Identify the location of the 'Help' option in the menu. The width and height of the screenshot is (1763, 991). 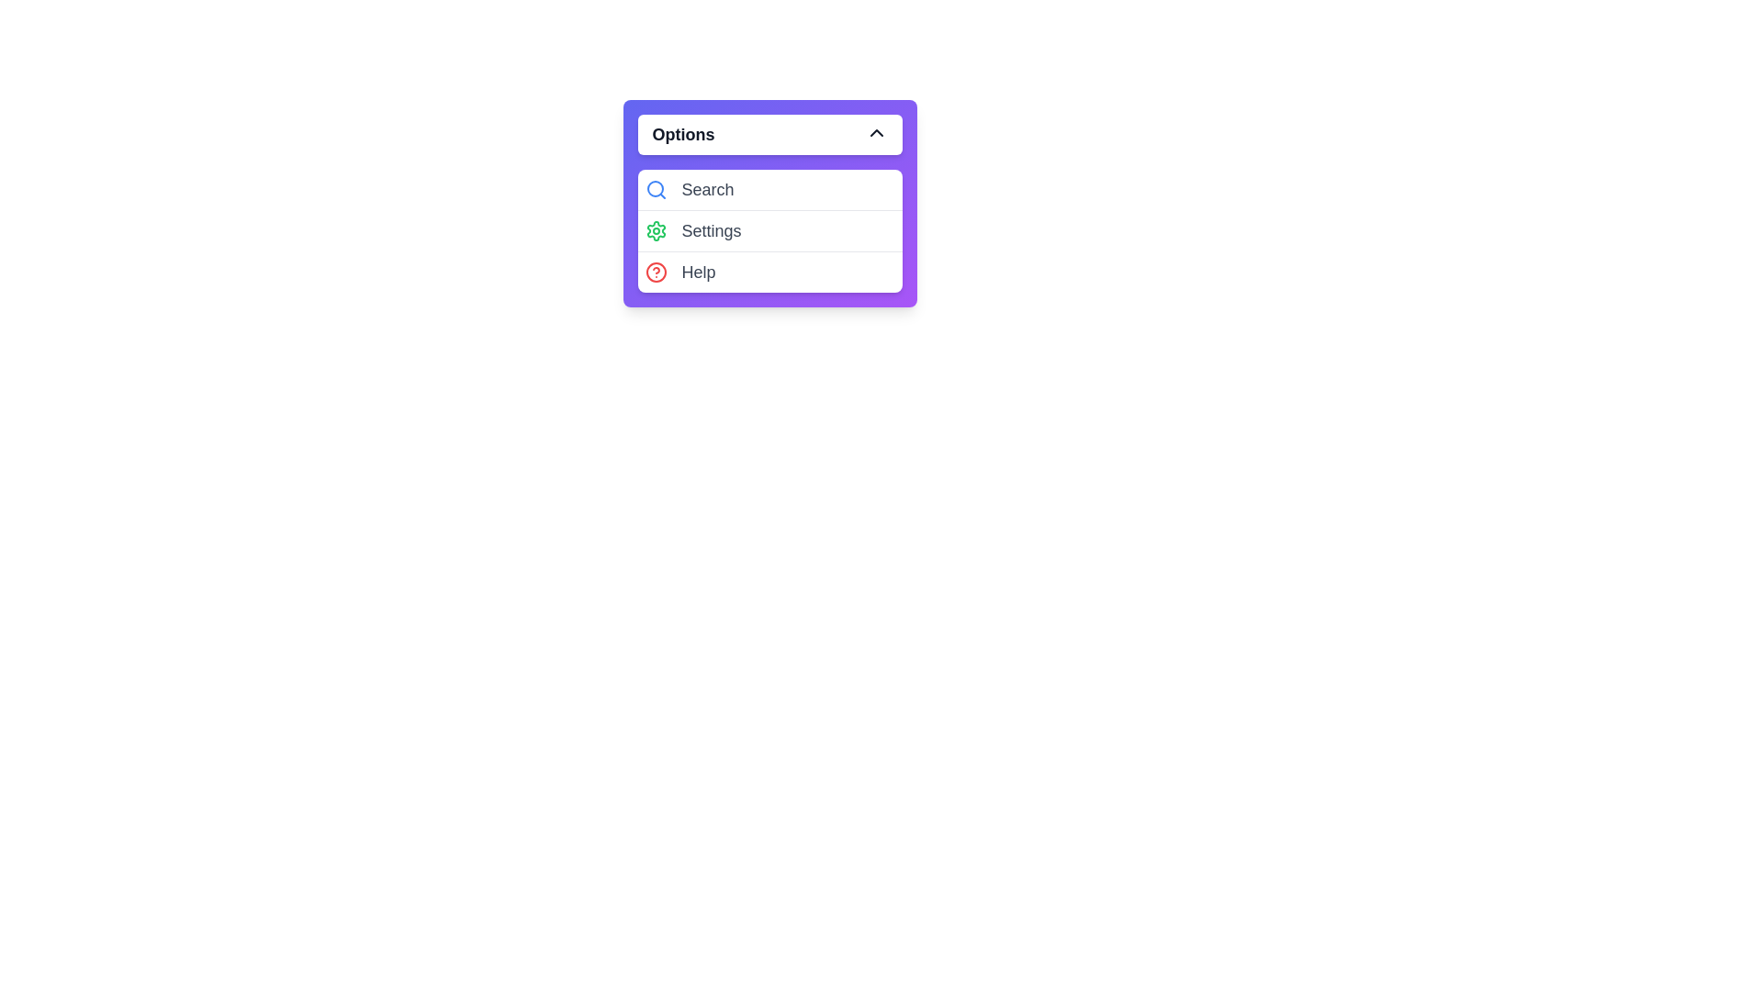
(769, 272).